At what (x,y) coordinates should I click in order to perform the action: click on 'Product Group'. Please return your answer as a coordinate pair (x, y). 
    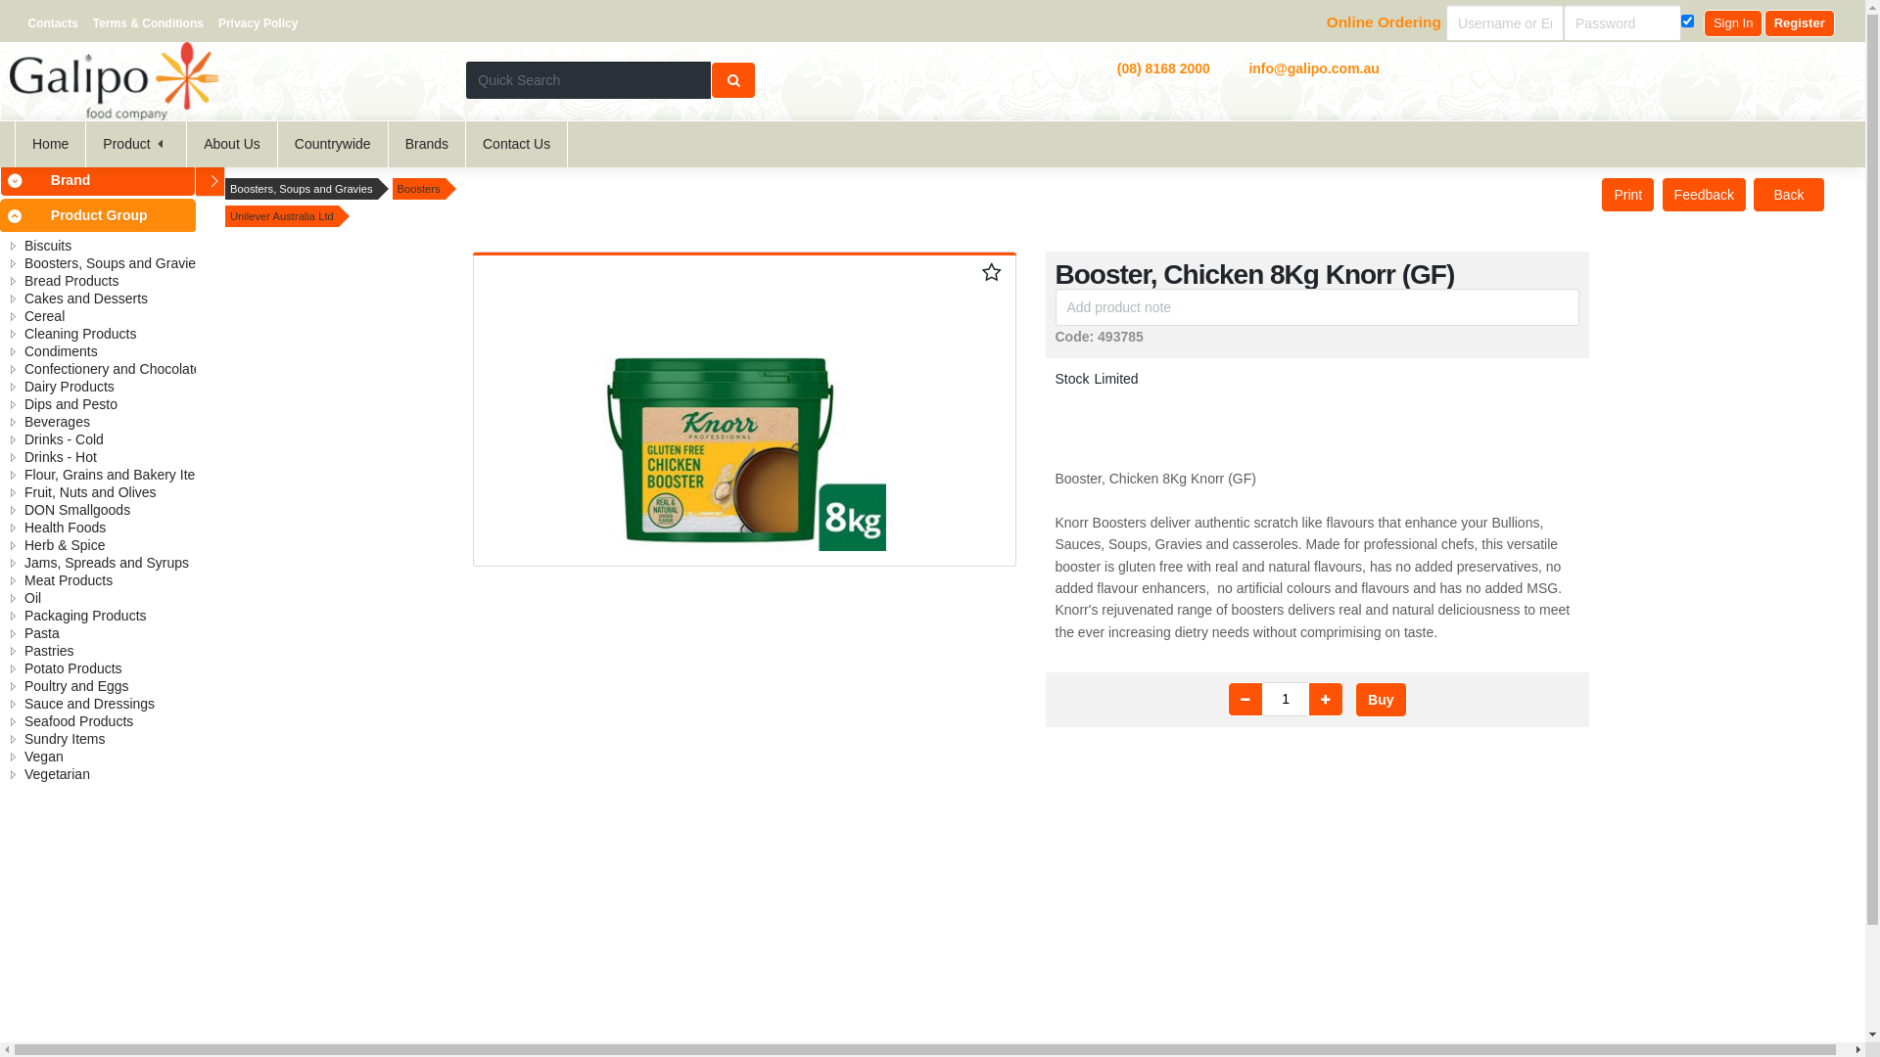
    Looking at the image, I should click on (31, 214).